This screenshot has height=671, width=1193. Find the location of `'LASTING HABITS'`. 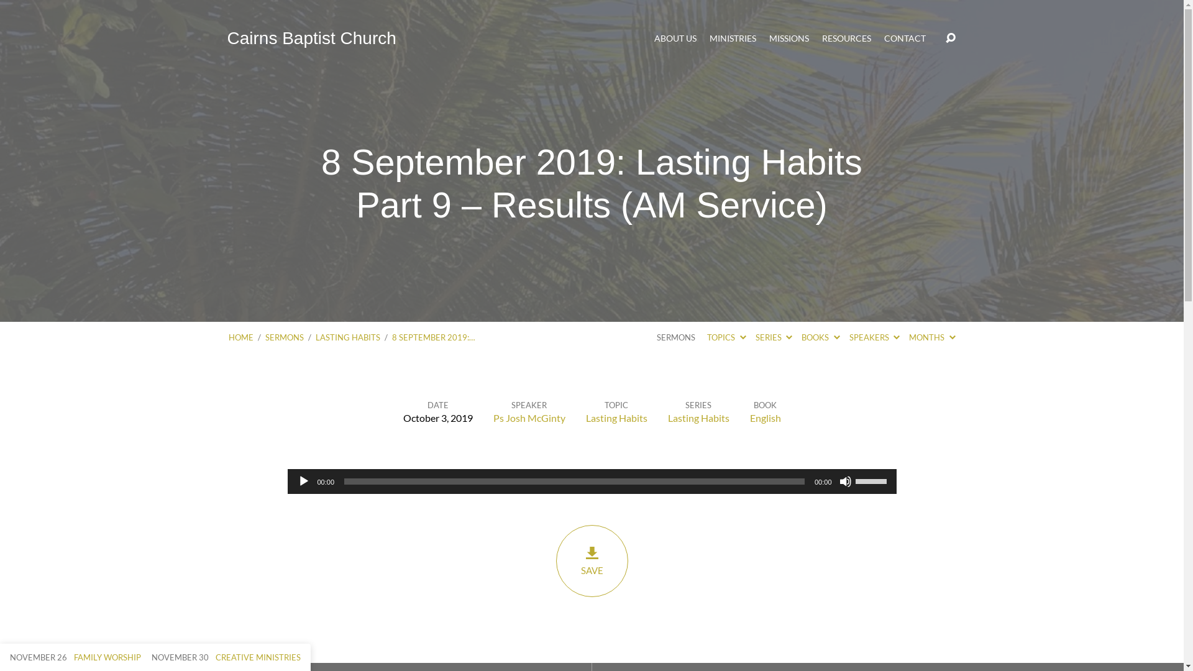

'LASTING HABITS' is located at coordinates (348, 337).